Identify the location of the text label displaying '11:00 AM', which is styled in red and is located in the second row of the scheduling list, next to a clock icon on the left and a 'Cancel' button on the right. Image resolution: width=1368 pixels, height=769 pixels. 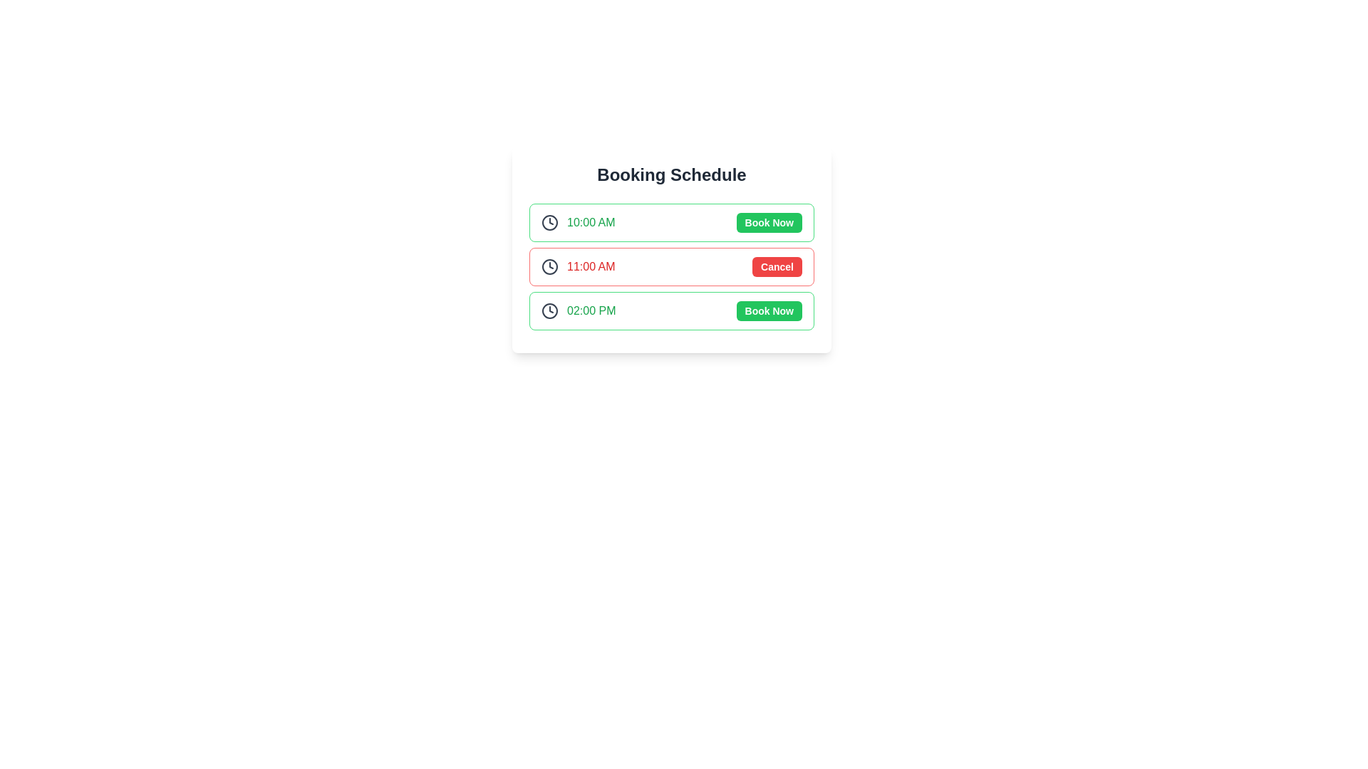
(578, 266).